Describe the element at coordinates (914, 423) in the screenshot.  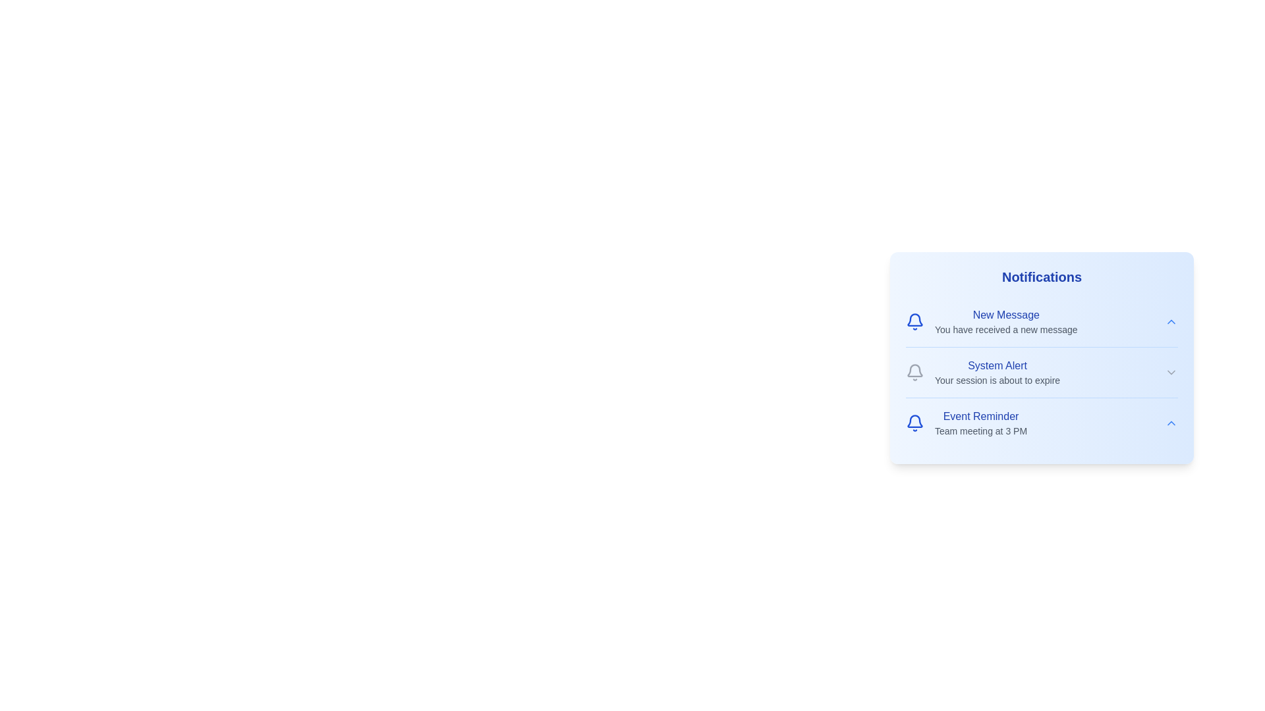
I see `the notification icon for Event Reminder` at that location.